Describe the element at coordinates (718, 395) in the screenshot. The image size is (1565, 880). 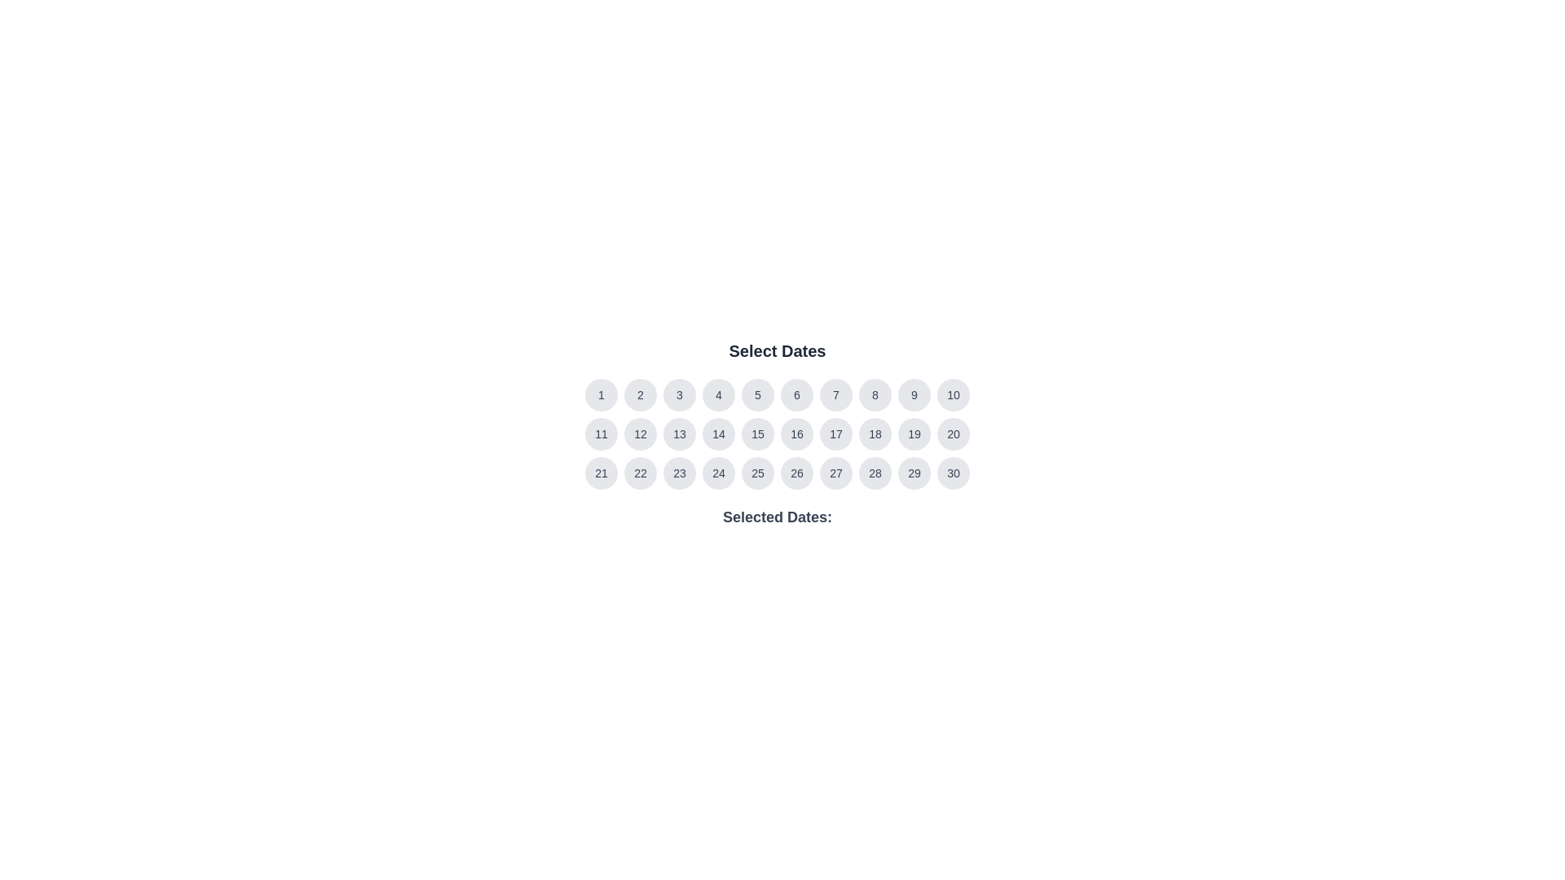
I see `the date selection button located in the first row, fourth position from the left` at that location.